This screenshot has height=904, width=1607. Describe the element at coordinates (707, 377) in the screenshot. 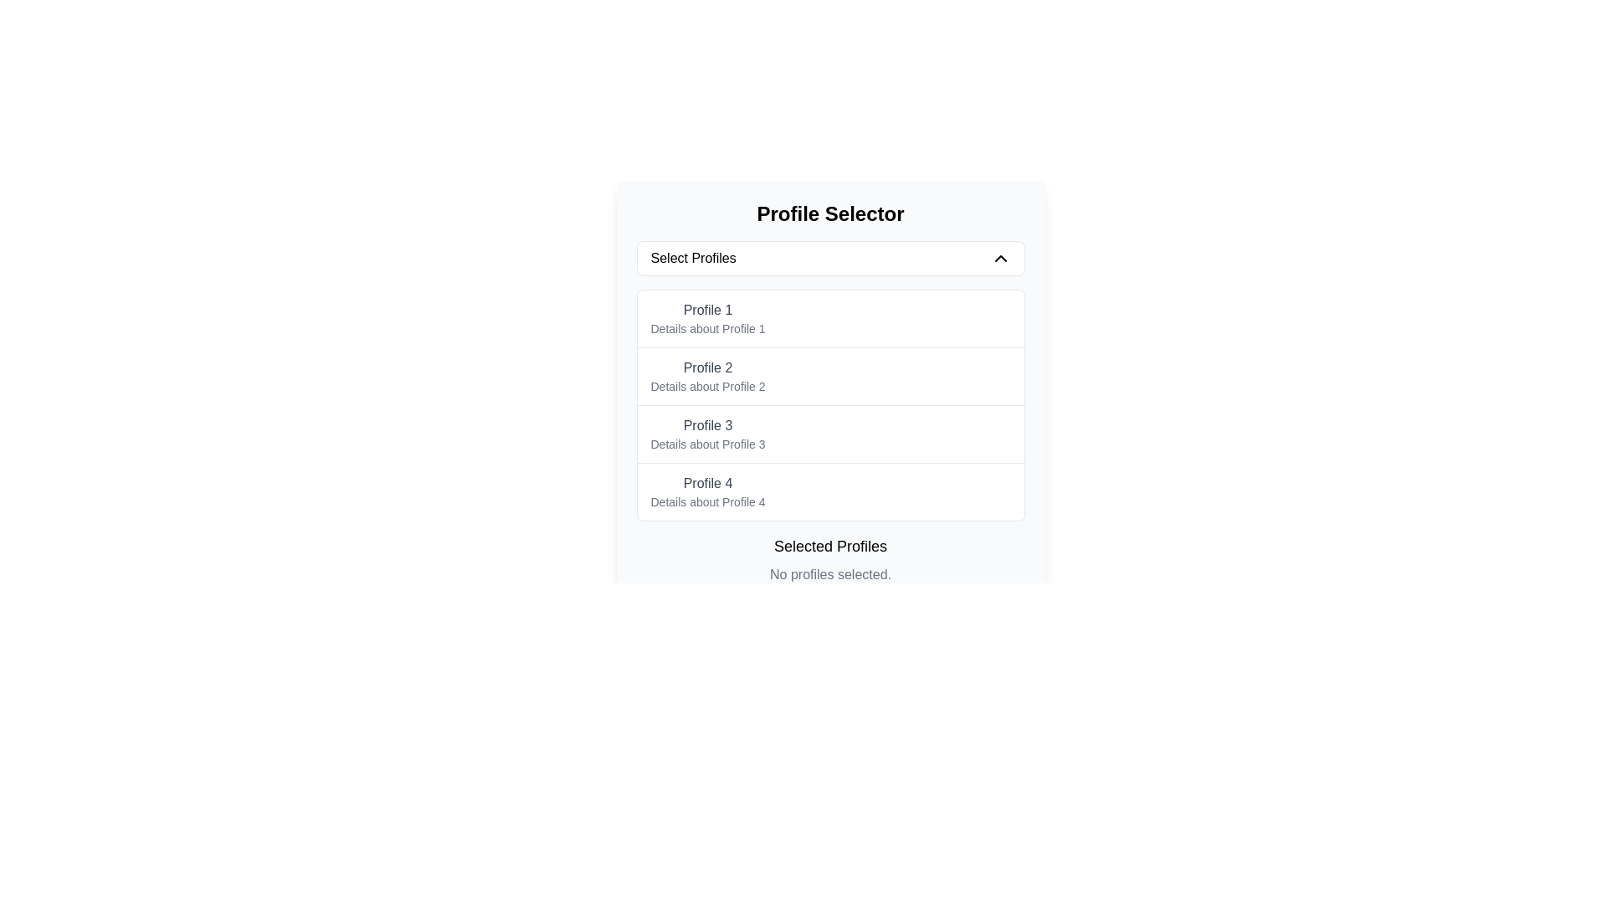

I see `the second profile entry in the vertical list, which displays the profile name and description` at that location.